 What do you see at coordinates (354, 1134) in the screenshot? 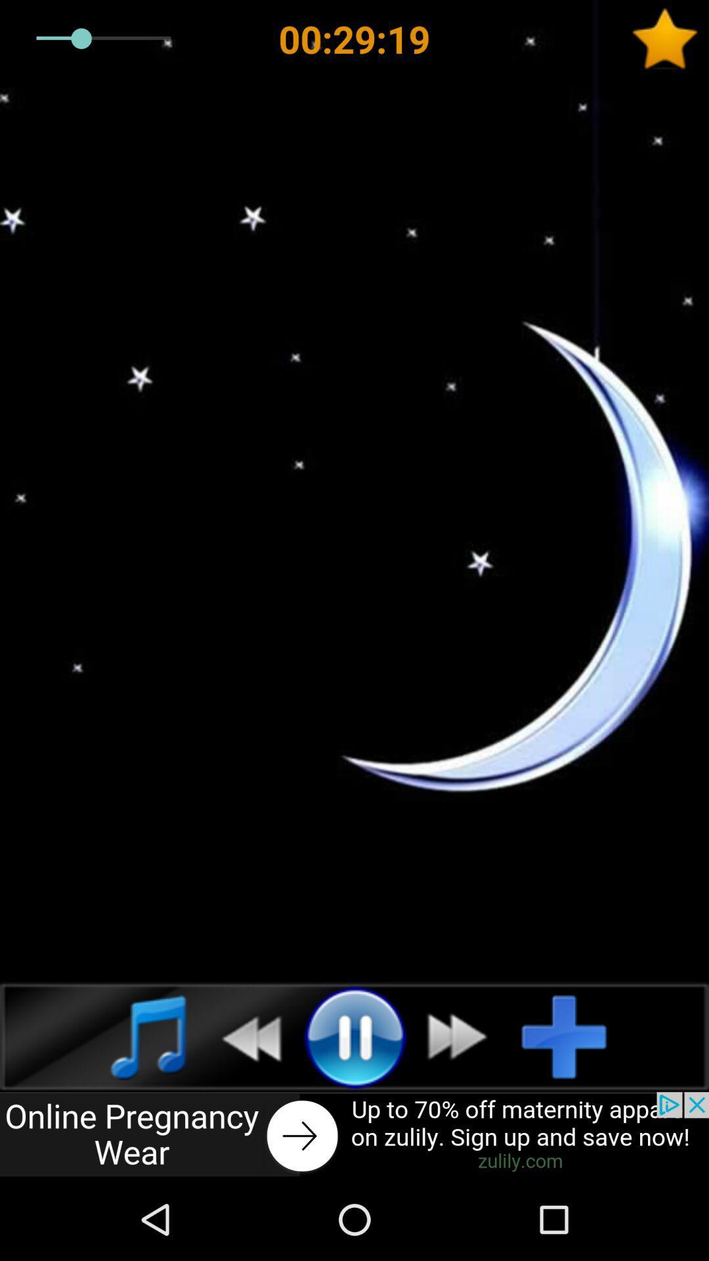
I see `button image` at bounding box center [354, 1134].